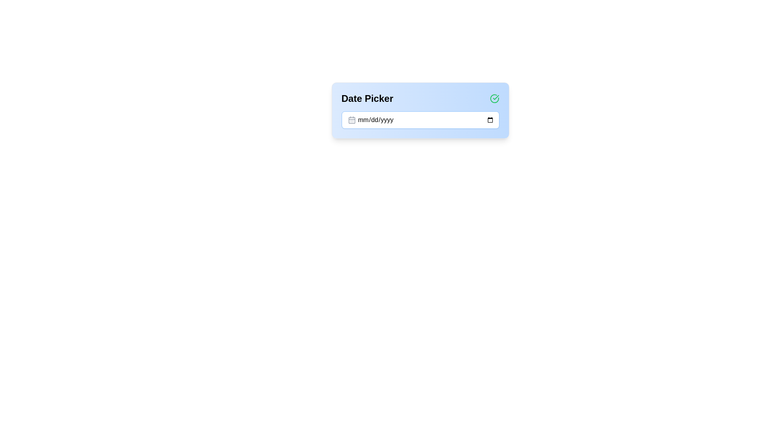 The height and width of the screenshot is (428, 761). I want to click on the input box of the Date Picker Widget, so click(420, 110).